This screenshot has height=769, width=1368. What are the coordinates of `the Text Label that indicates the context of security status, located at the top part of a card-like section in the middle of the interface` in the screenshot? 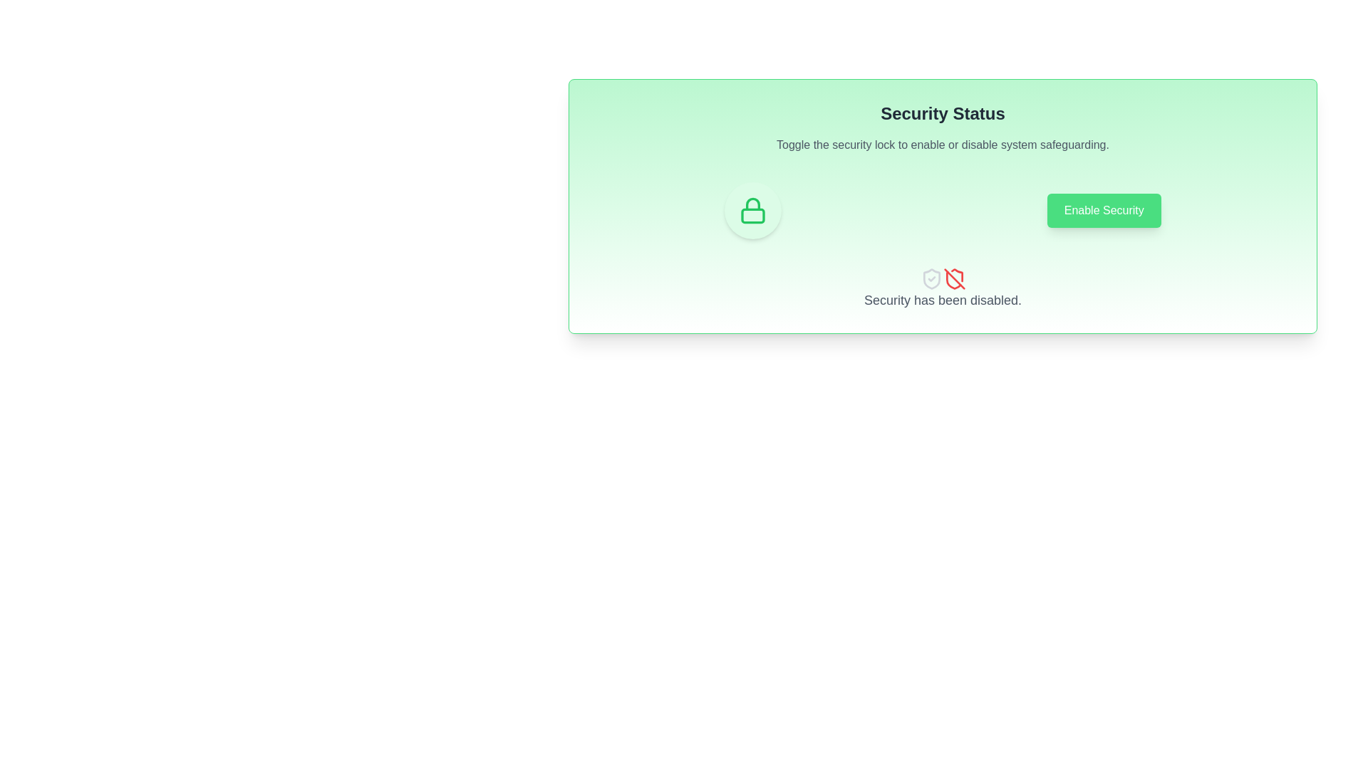 It's located at (943, 113).